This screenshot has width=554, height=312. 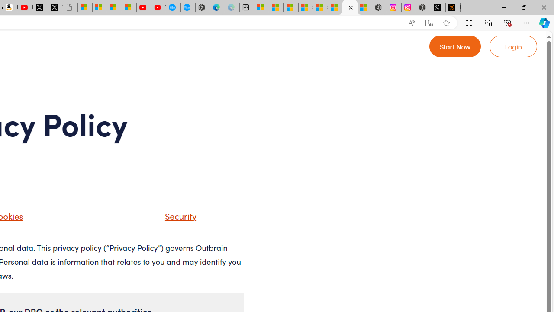 I want to click on 'Enter Immersive Reader (F9)', so click(x=429, y=23).